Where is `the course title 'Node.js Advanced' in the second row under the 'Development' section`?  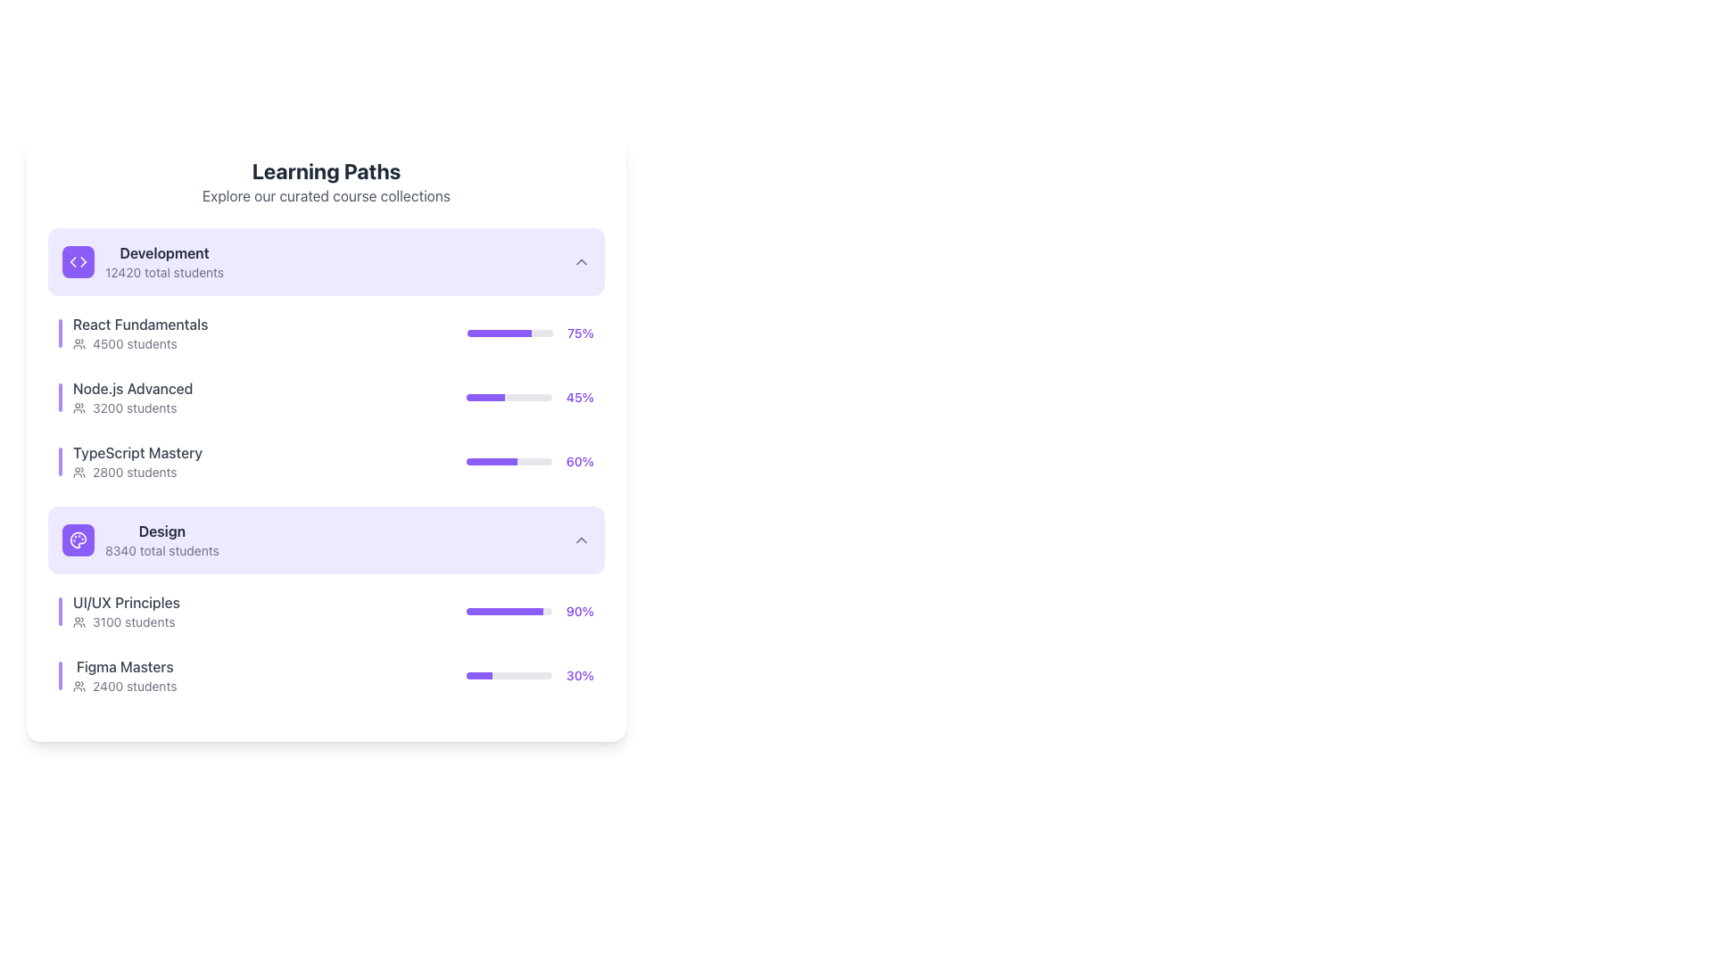 the course title 'Node.js Advanced' in the second row under the 'Development' section is located at coordinates (326, 397).